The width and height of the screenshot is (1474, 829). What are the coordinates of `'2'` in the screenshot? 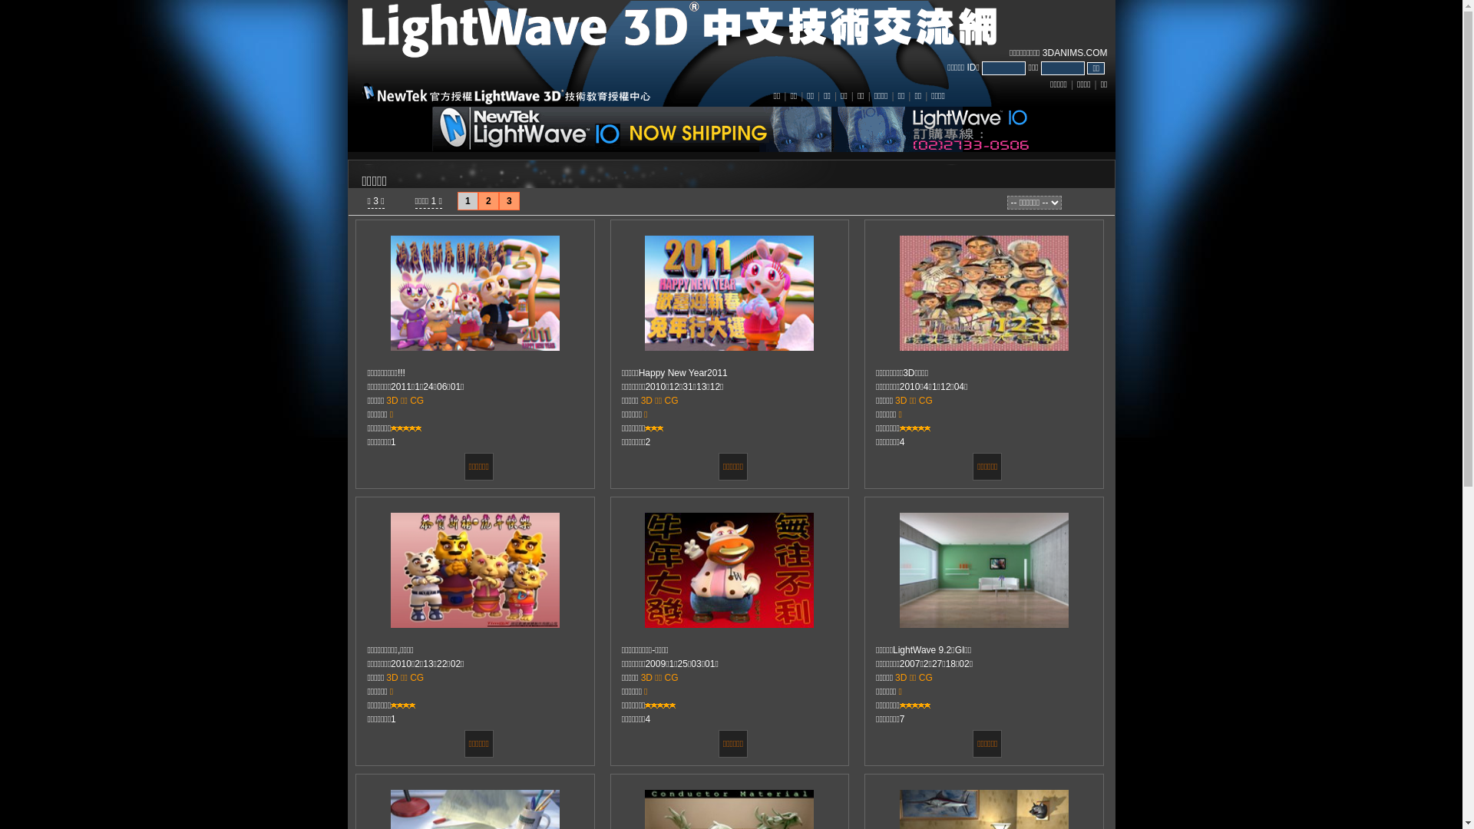 It's located at (487, 200).